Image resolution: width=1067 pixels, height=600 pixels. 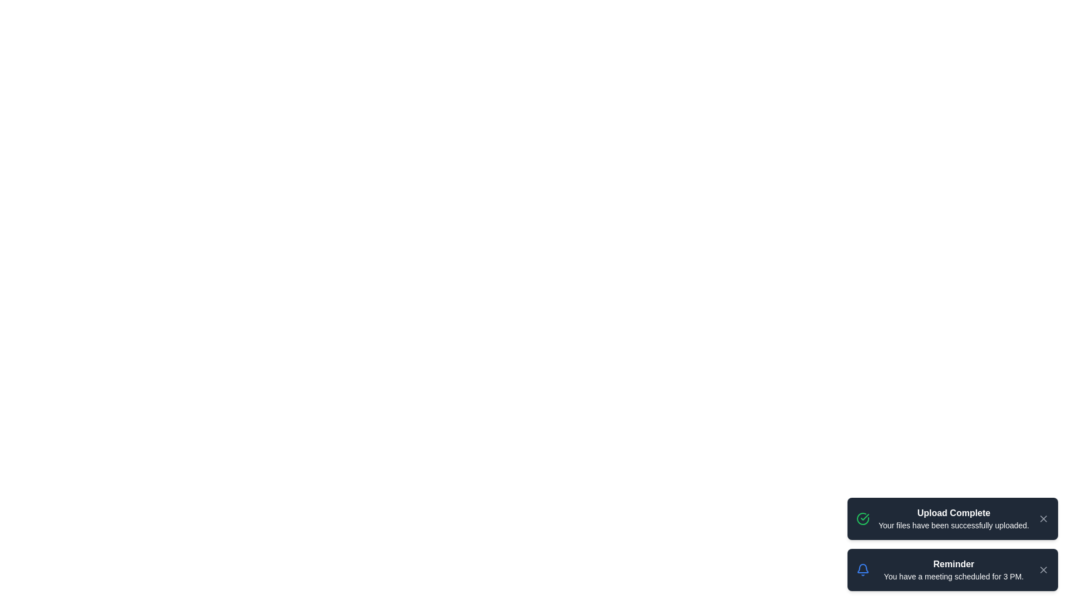 I want to click on the close button of the notification with title 'Upload Complete', so click(x=1043, y=518).